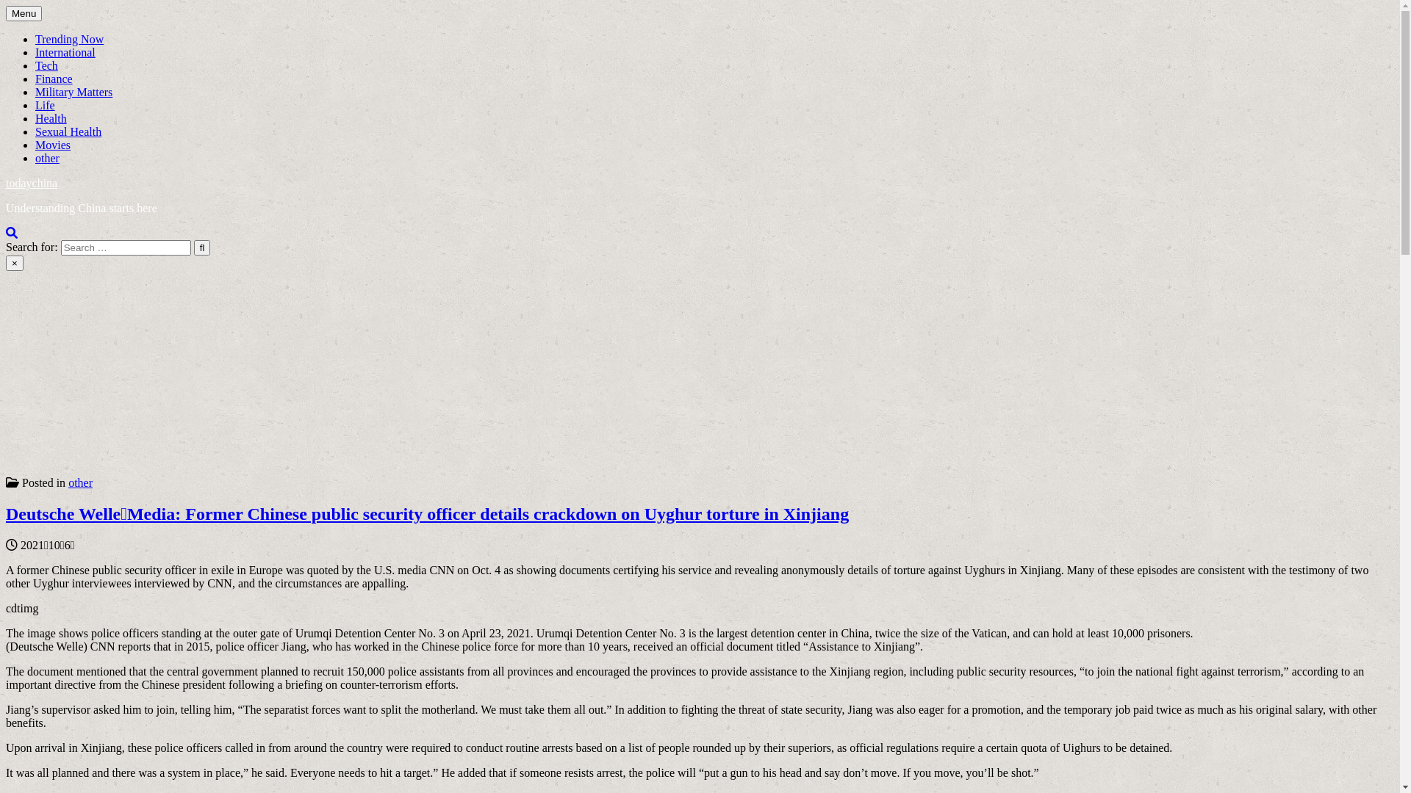 This screenshot has height=793, width=1411. What do you see at coordinates (65, 51) in the screenshot?
I see `'International'` at bounding box center [65, 51].